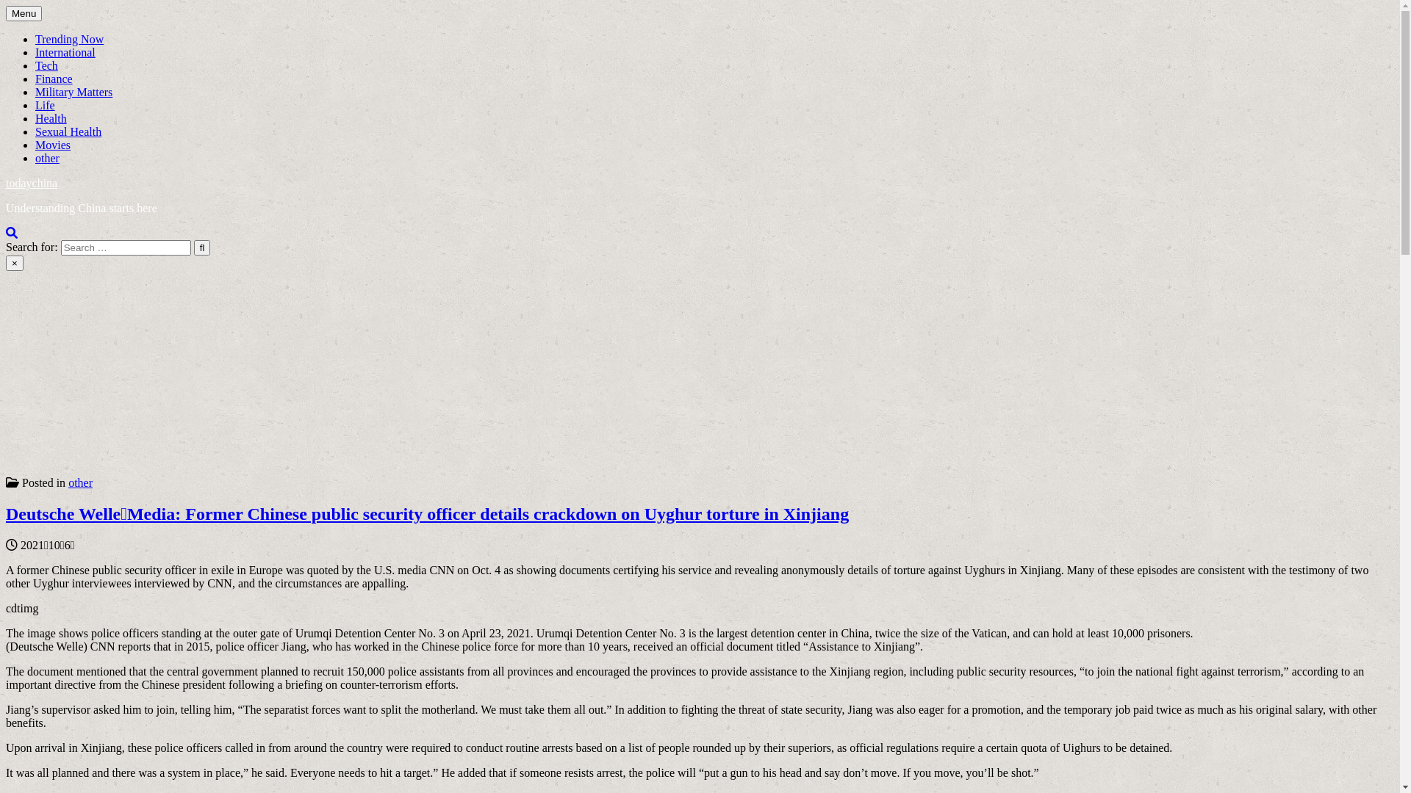 This screenshot has height=793, width=1411. What do you see at coordinates (65, 51) in the screenshot?
I see `'International'` at bounding box center [65, 51].